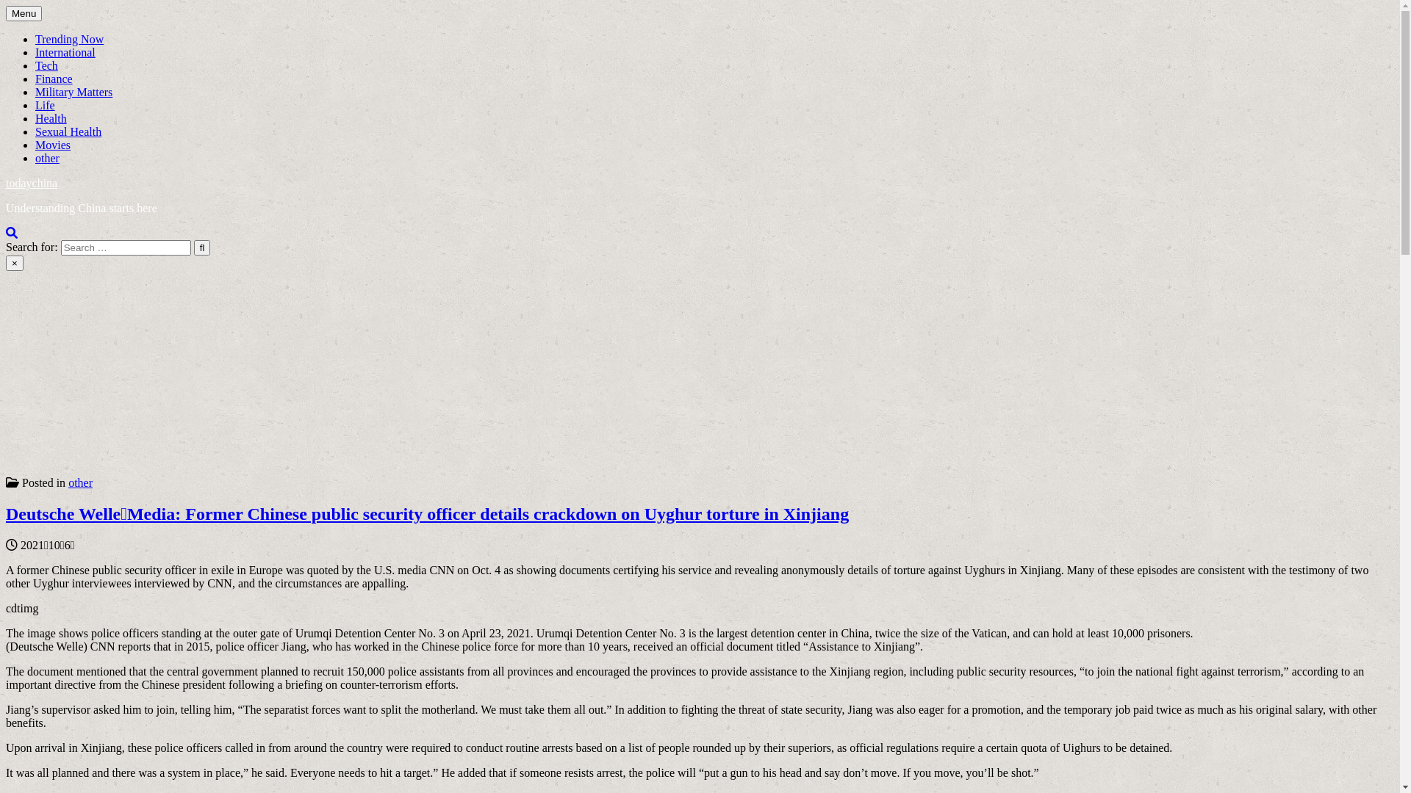 This screenshot has height=793, width=1411. What do you see at coordinates (65, 51) in the screenshot?
I see `'International'` at bounding box center [65, 51].